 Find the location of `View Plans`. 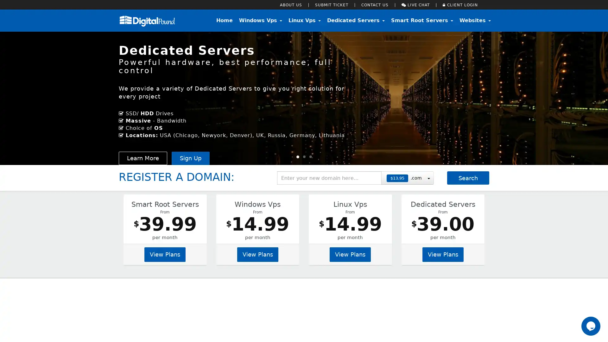

View Plans is located at coordinates (165, 254).